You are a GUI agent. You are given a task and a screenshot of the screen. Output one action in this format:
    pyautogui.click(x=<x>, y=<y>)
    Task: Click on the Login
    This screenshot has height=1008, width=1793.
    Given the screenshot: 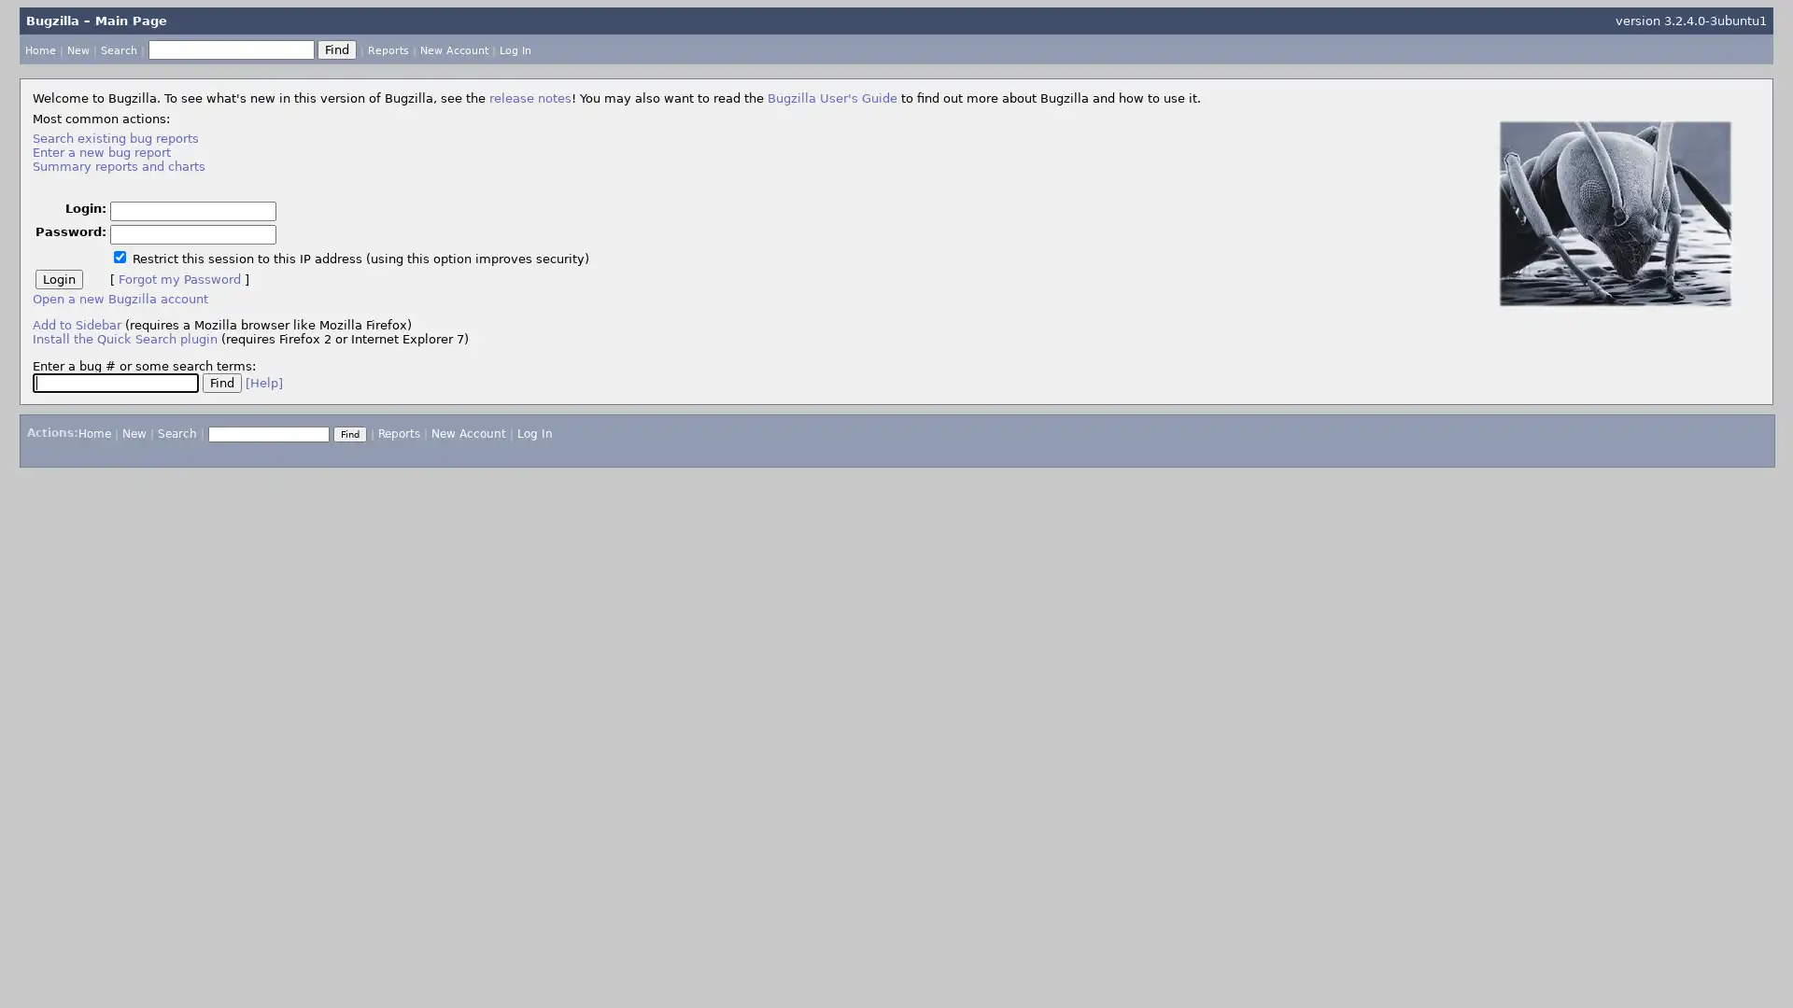 What is the action you would take?
    pyautogui.click(x=58, y=278)
    